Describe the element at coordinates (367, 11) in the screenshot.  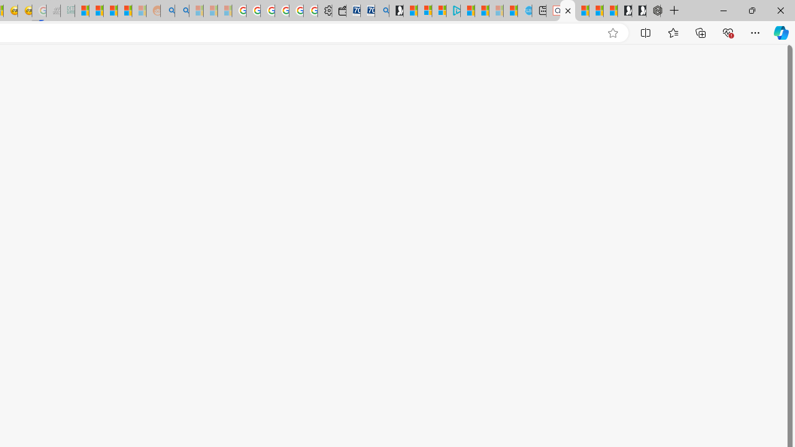
I see `'Cheap Car Rentals - Save70.com'` at that location.